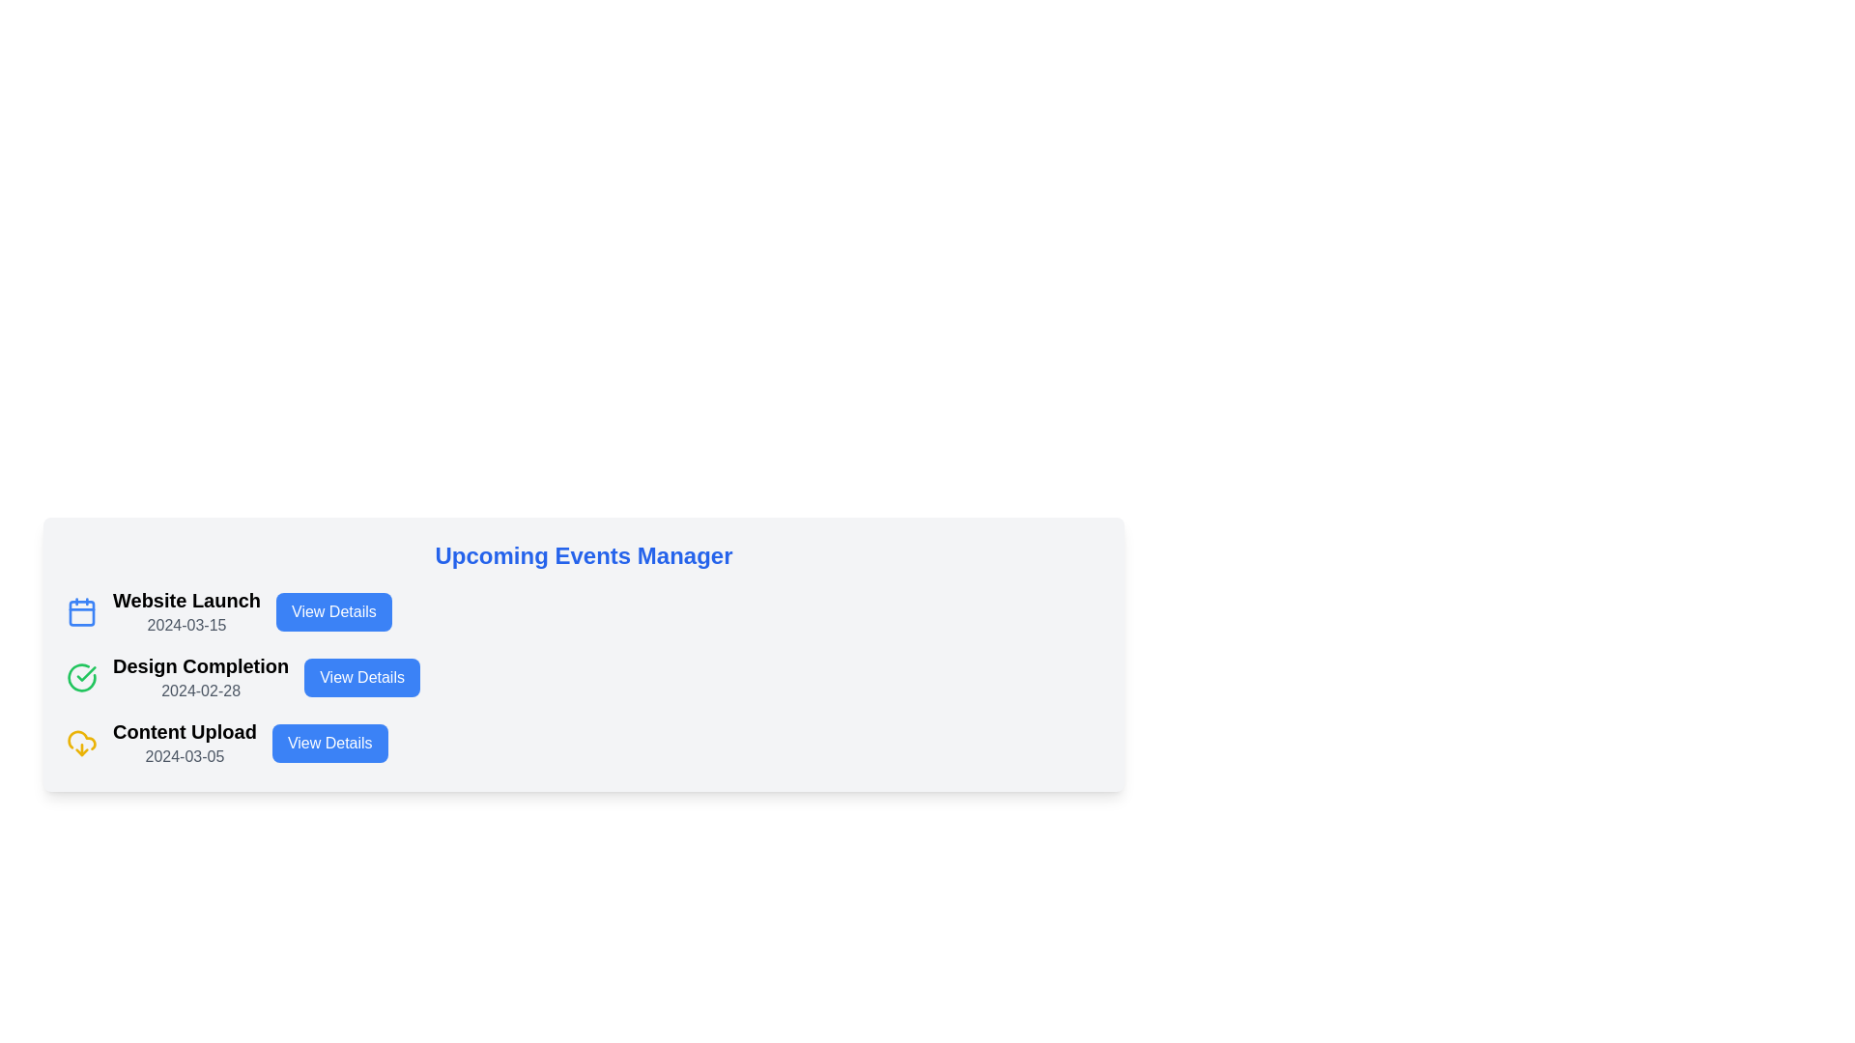  Describe the element at coordinates (201, 690) in the screenshot. I see `the static text displaying the date associated with the 'Design Completion' event, positioned under 'Design Completion' and to the left of 'View Details'` at that location.